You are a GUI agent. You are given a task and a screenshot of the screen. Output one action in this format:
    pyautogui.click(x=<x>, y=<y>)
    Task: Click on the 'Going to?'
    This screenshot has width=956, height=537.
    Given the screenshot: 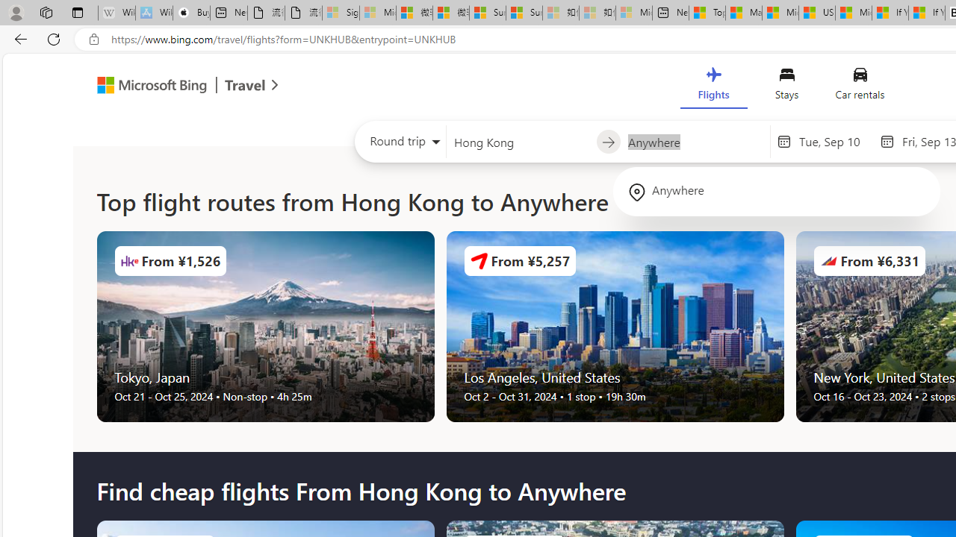 What is the action you would take?
    pyautogui.click(x=694, y=142)
    